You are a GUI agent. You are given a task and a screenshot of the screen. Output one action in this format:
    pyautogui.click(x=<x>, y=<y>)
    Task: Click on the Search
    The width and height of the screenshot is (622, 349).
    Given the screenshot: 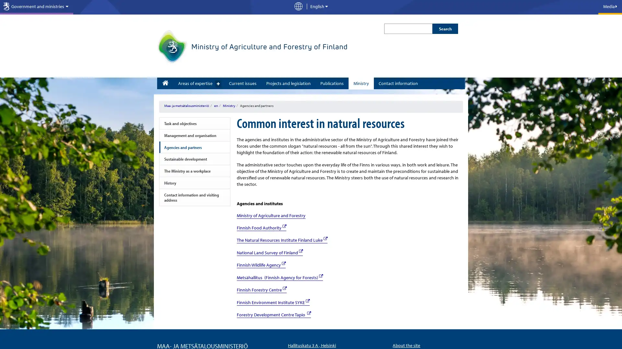 What is the action you would take?
    pyautogui.click(x=445, y=28)
    